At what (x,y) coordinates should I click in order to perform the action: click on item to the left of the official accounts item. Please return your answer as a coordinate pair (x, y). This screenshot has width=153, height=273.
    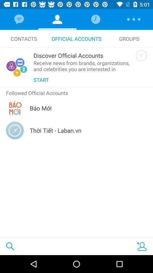
    Looking at the image, I should click on (24, 38).